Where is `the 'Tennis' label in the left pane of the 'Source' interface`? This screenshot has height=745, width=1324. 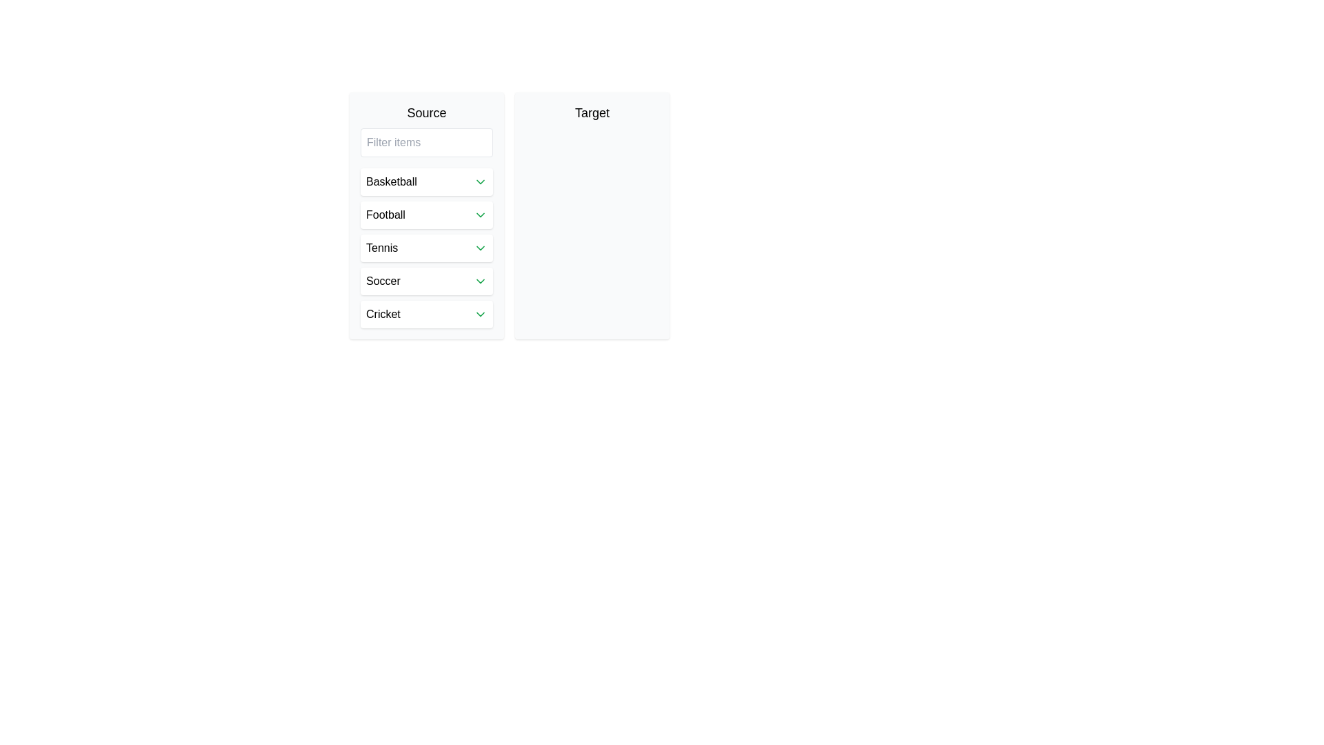 the 'Tennis' label in the left pane of the 'Source' interface is located at coordinates (382, 247).